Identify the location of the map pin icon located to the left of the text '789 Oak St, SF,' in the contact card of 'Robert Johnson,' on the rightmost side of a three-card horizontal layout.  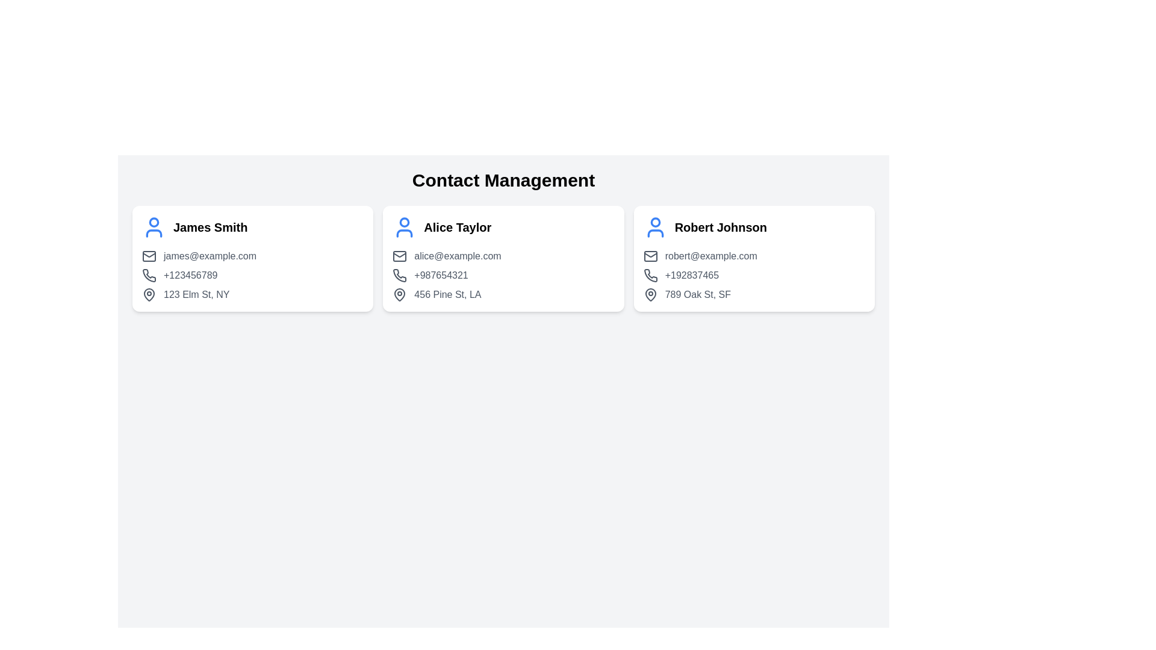
(650, 294).